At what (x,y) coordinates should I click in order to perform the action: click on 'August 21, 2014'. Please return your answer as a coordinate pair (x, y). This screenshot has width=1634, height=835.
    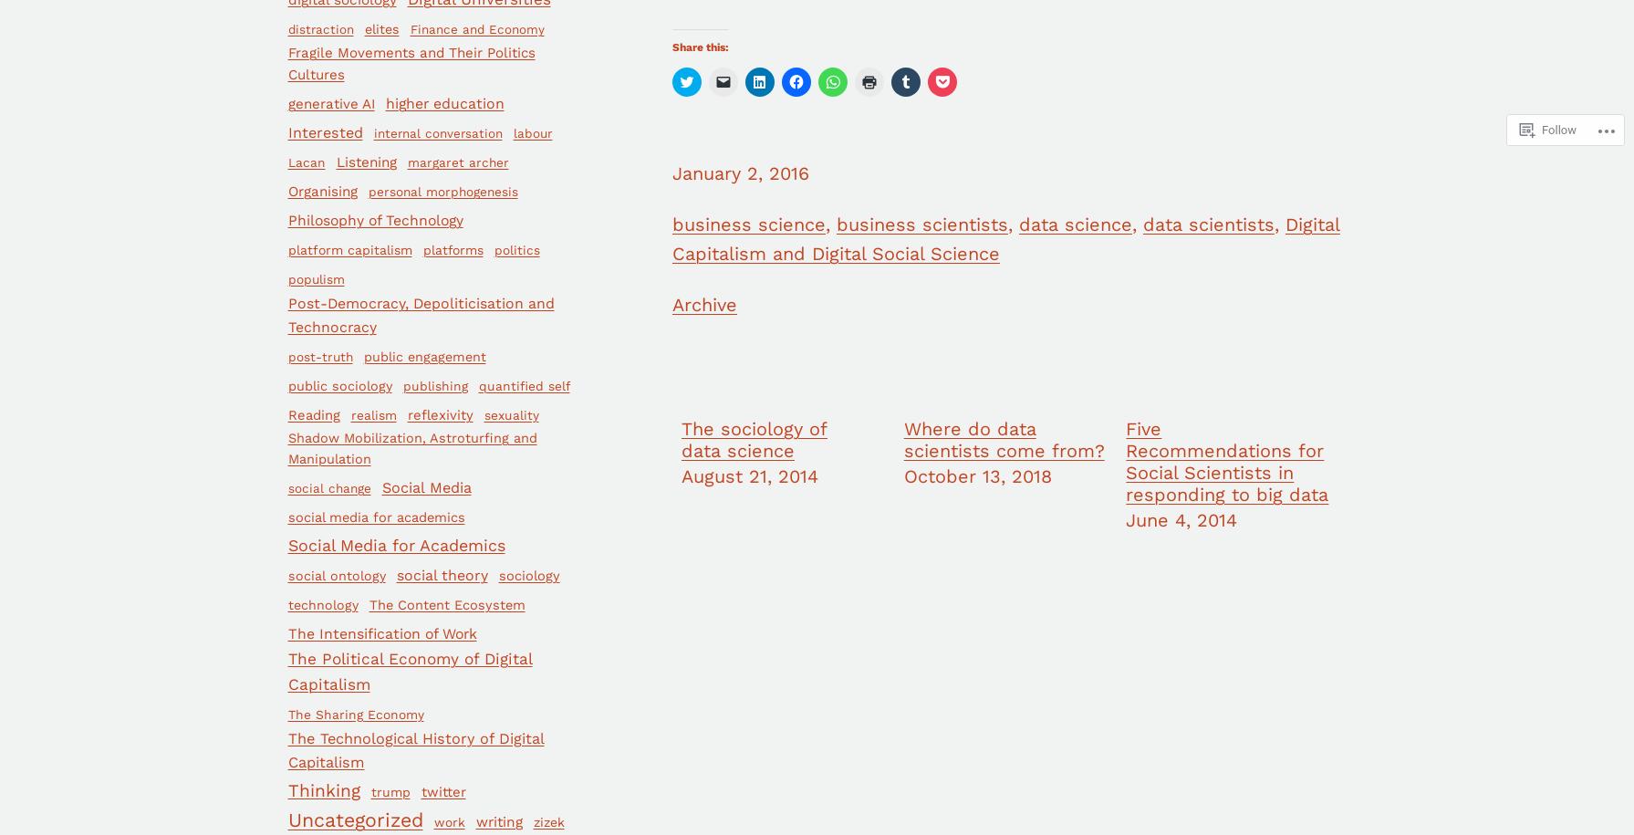
    Looking at the image, I should click on (680, 475).